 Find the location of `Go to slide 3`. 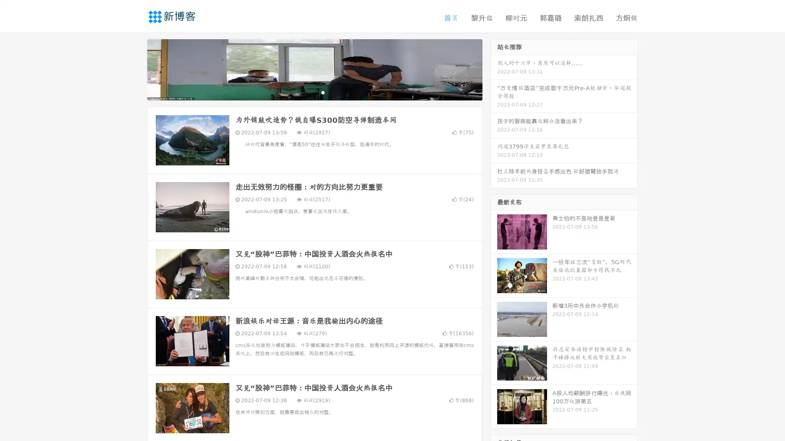

Go to slide 3 is located at coordinates (323, 92).